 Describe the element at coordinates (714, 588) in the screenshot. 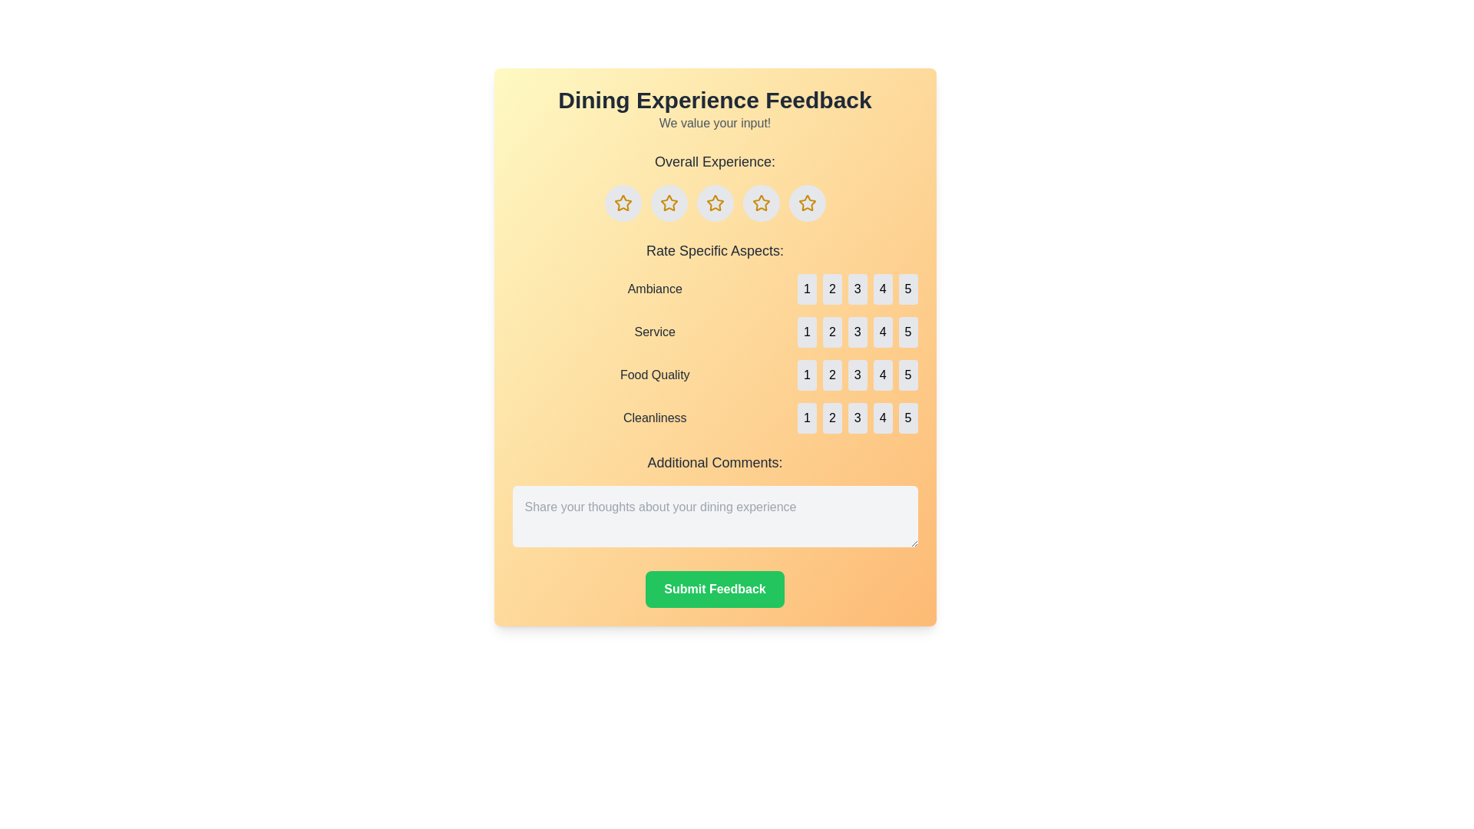

I see `the 'Submit Feedback' button, which is centrally aligned at the bottom of the feedback submission form and has a green background that changes to a darker shade when hovered over` at that location.